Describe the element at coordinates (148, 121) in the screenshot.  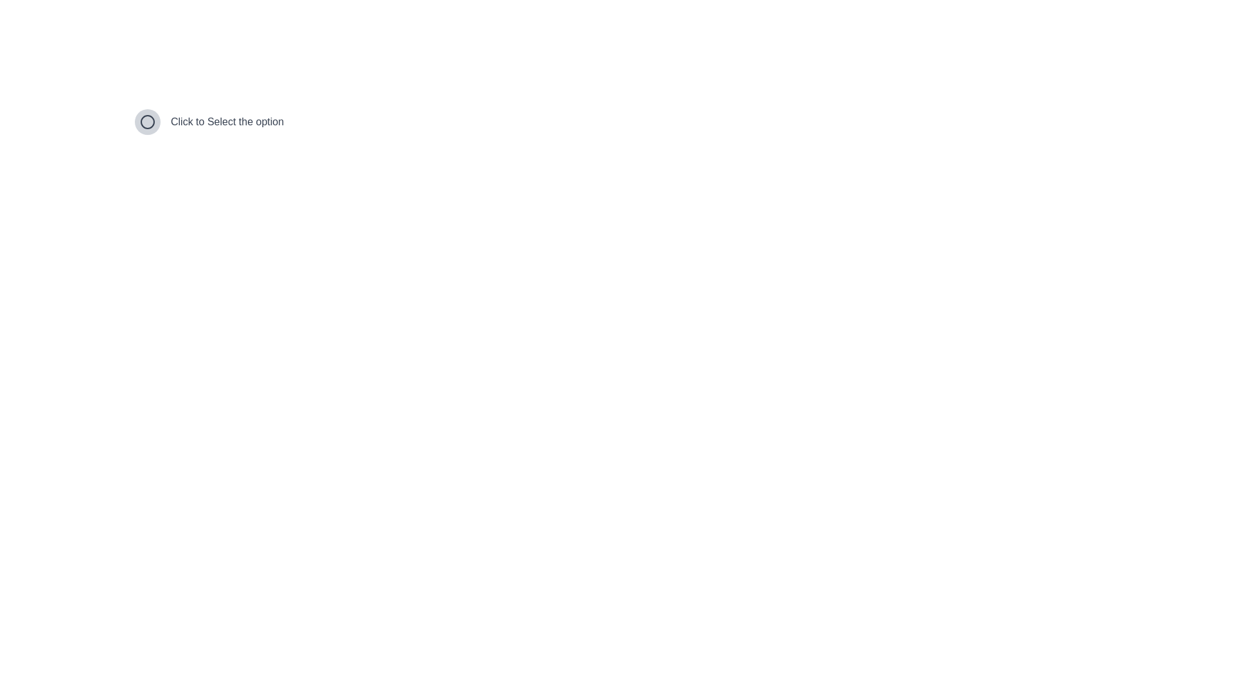
I see `circular button to toggle the checkbox` at that location.